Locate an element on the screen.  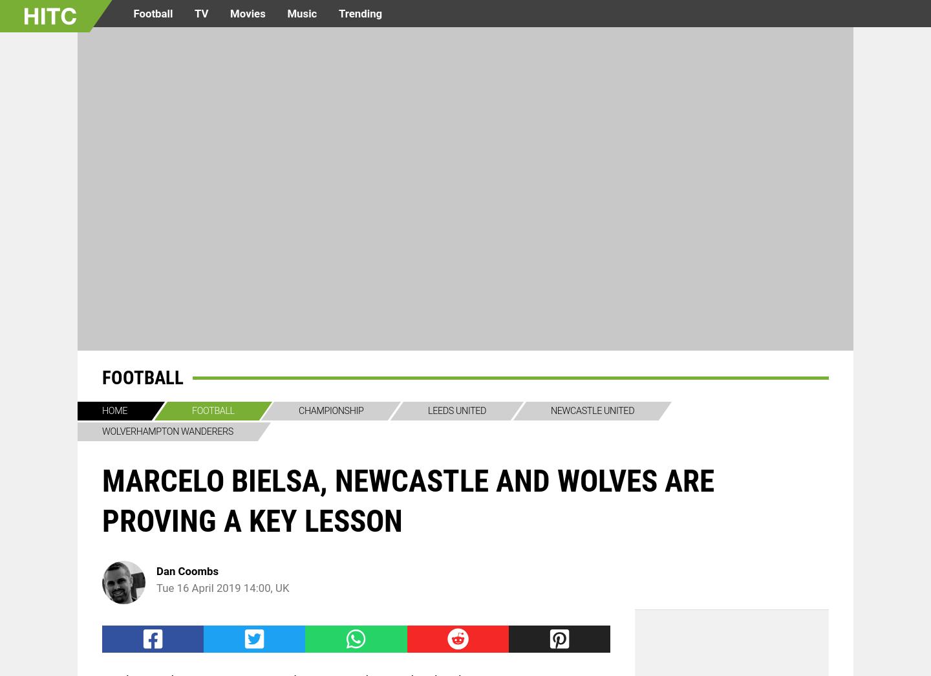
'Home' is located at coordinates (113, 410).